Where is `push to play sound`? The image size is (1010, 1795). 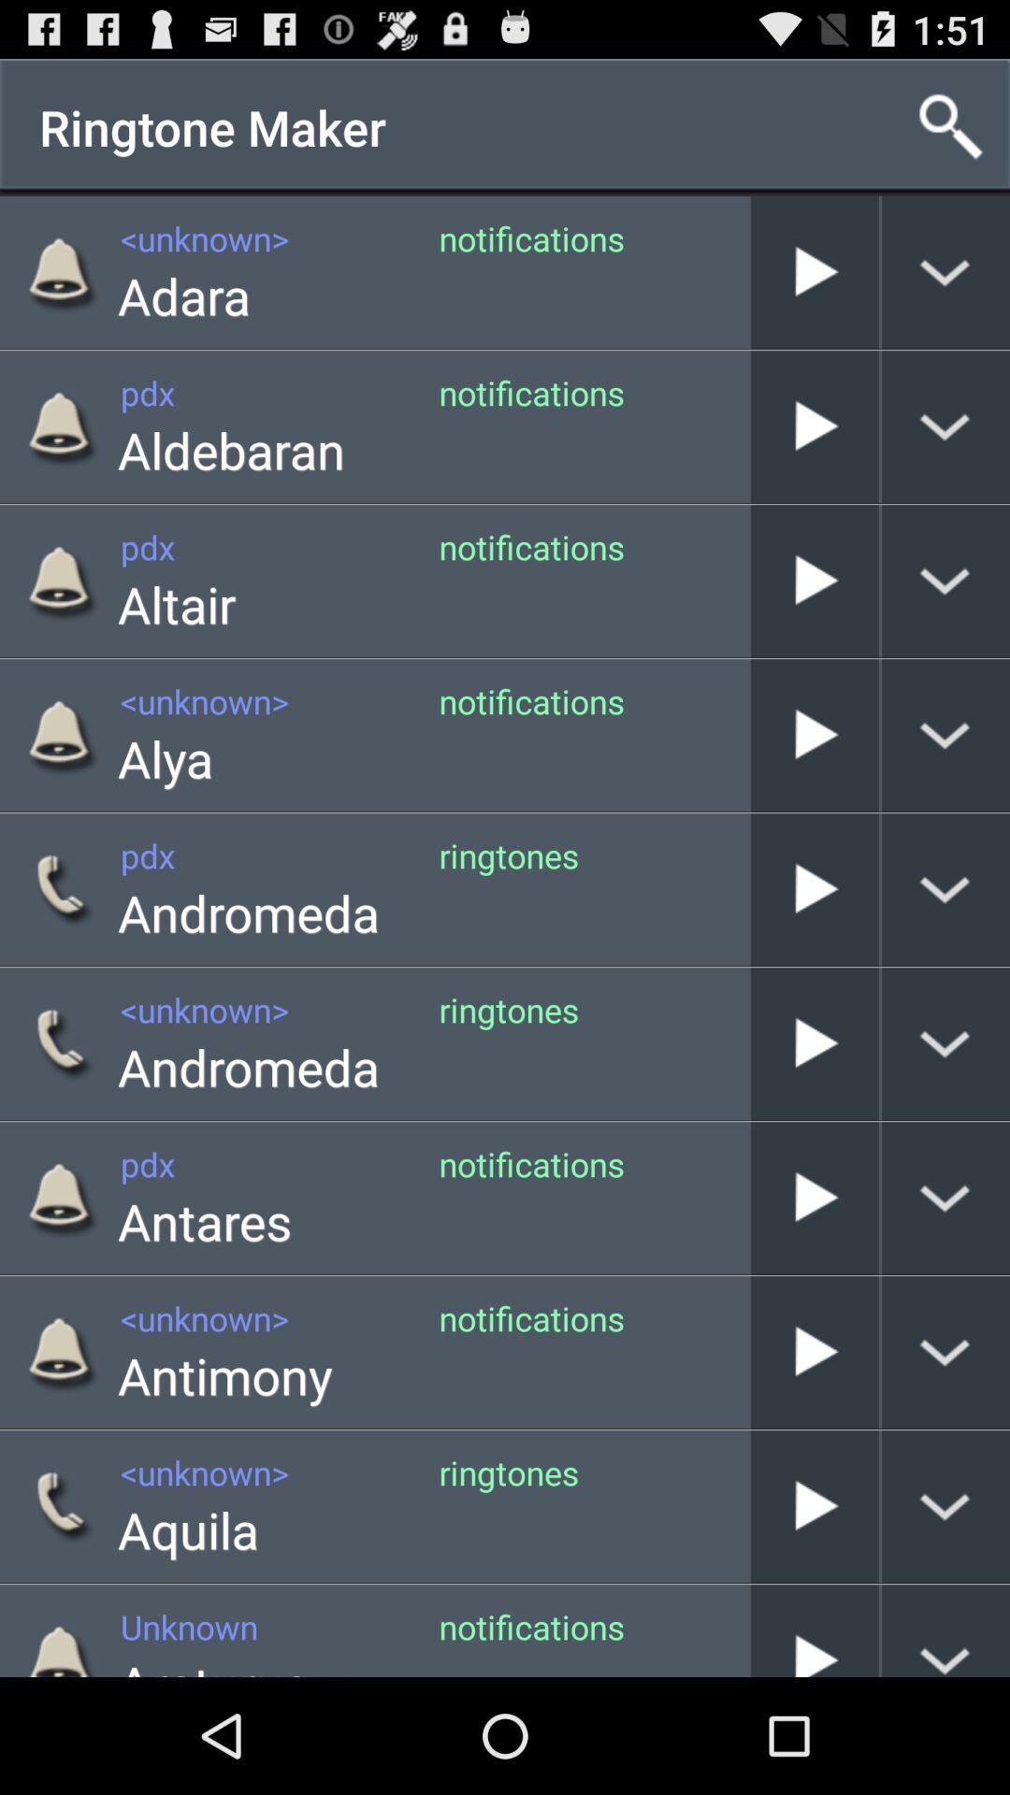
push to play sound is located at coordinates (814, 425).